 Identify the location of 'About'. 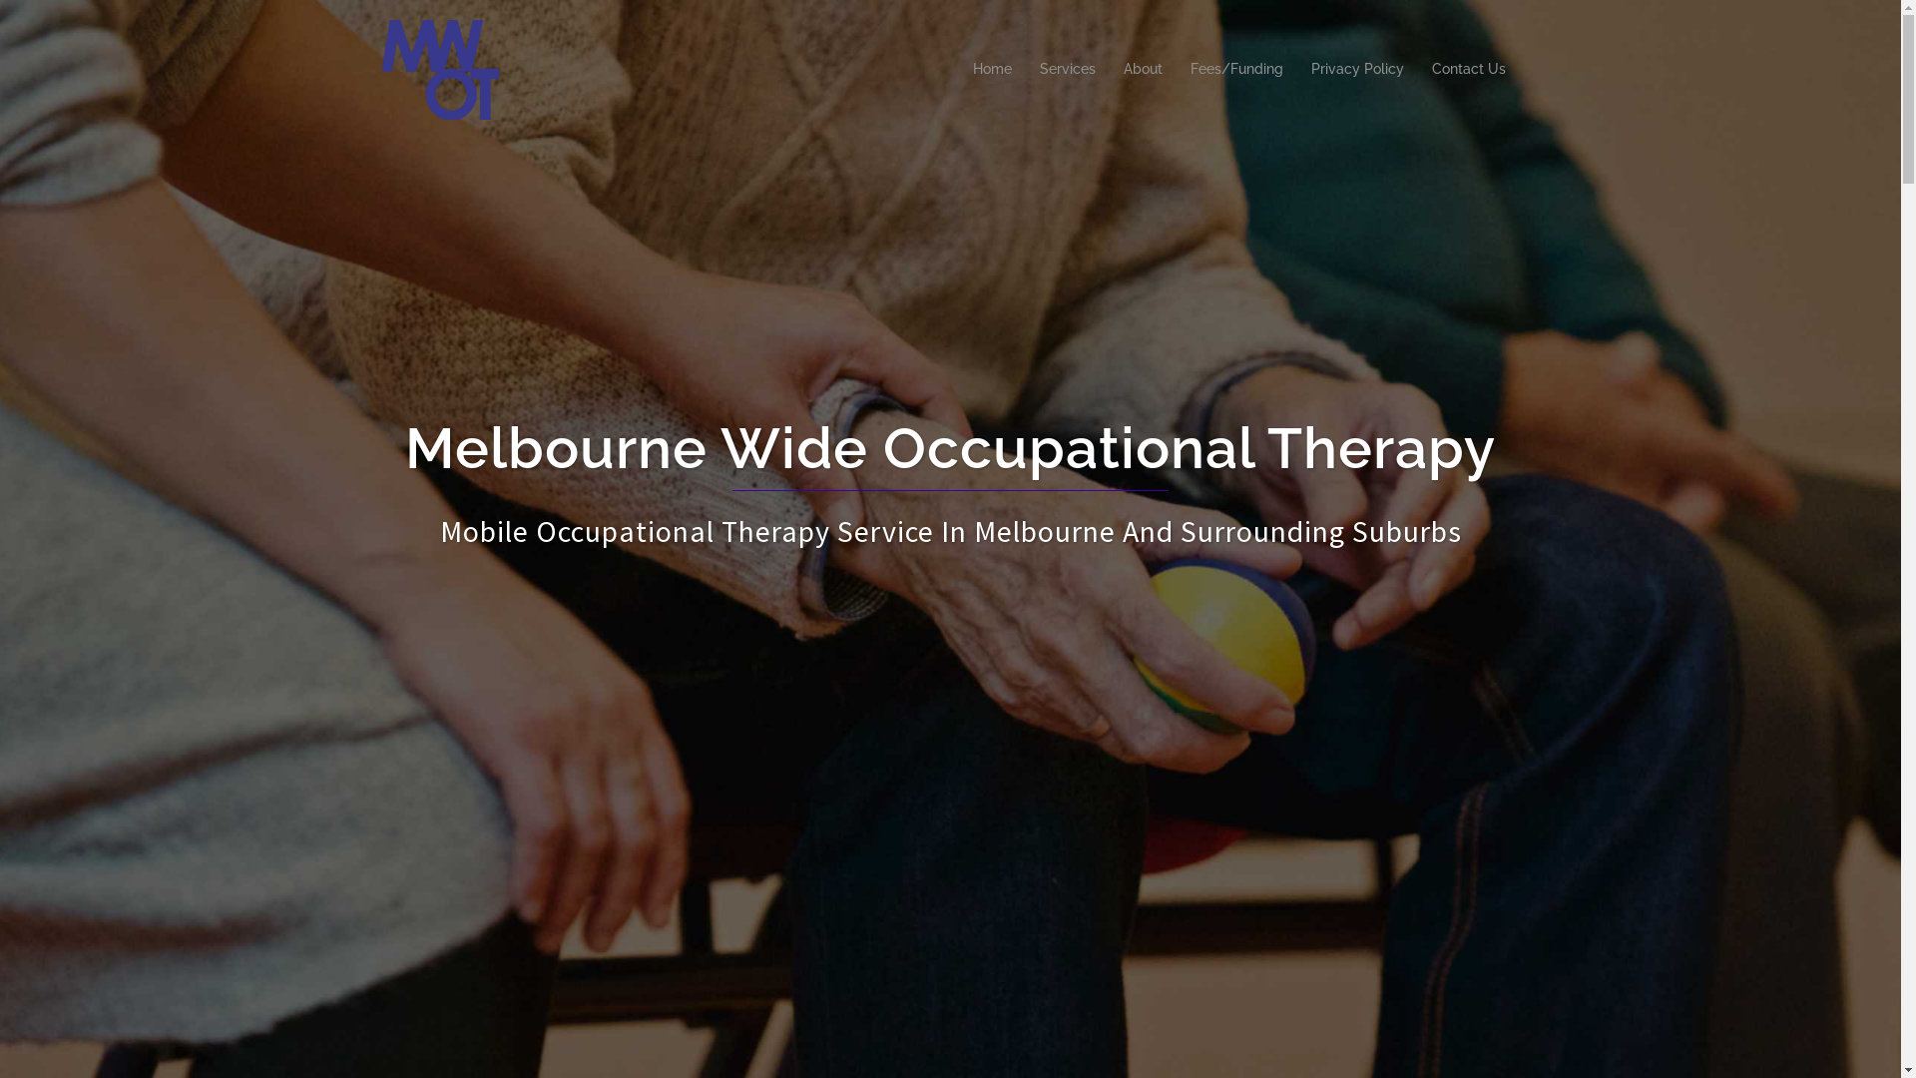
(1143, 68).